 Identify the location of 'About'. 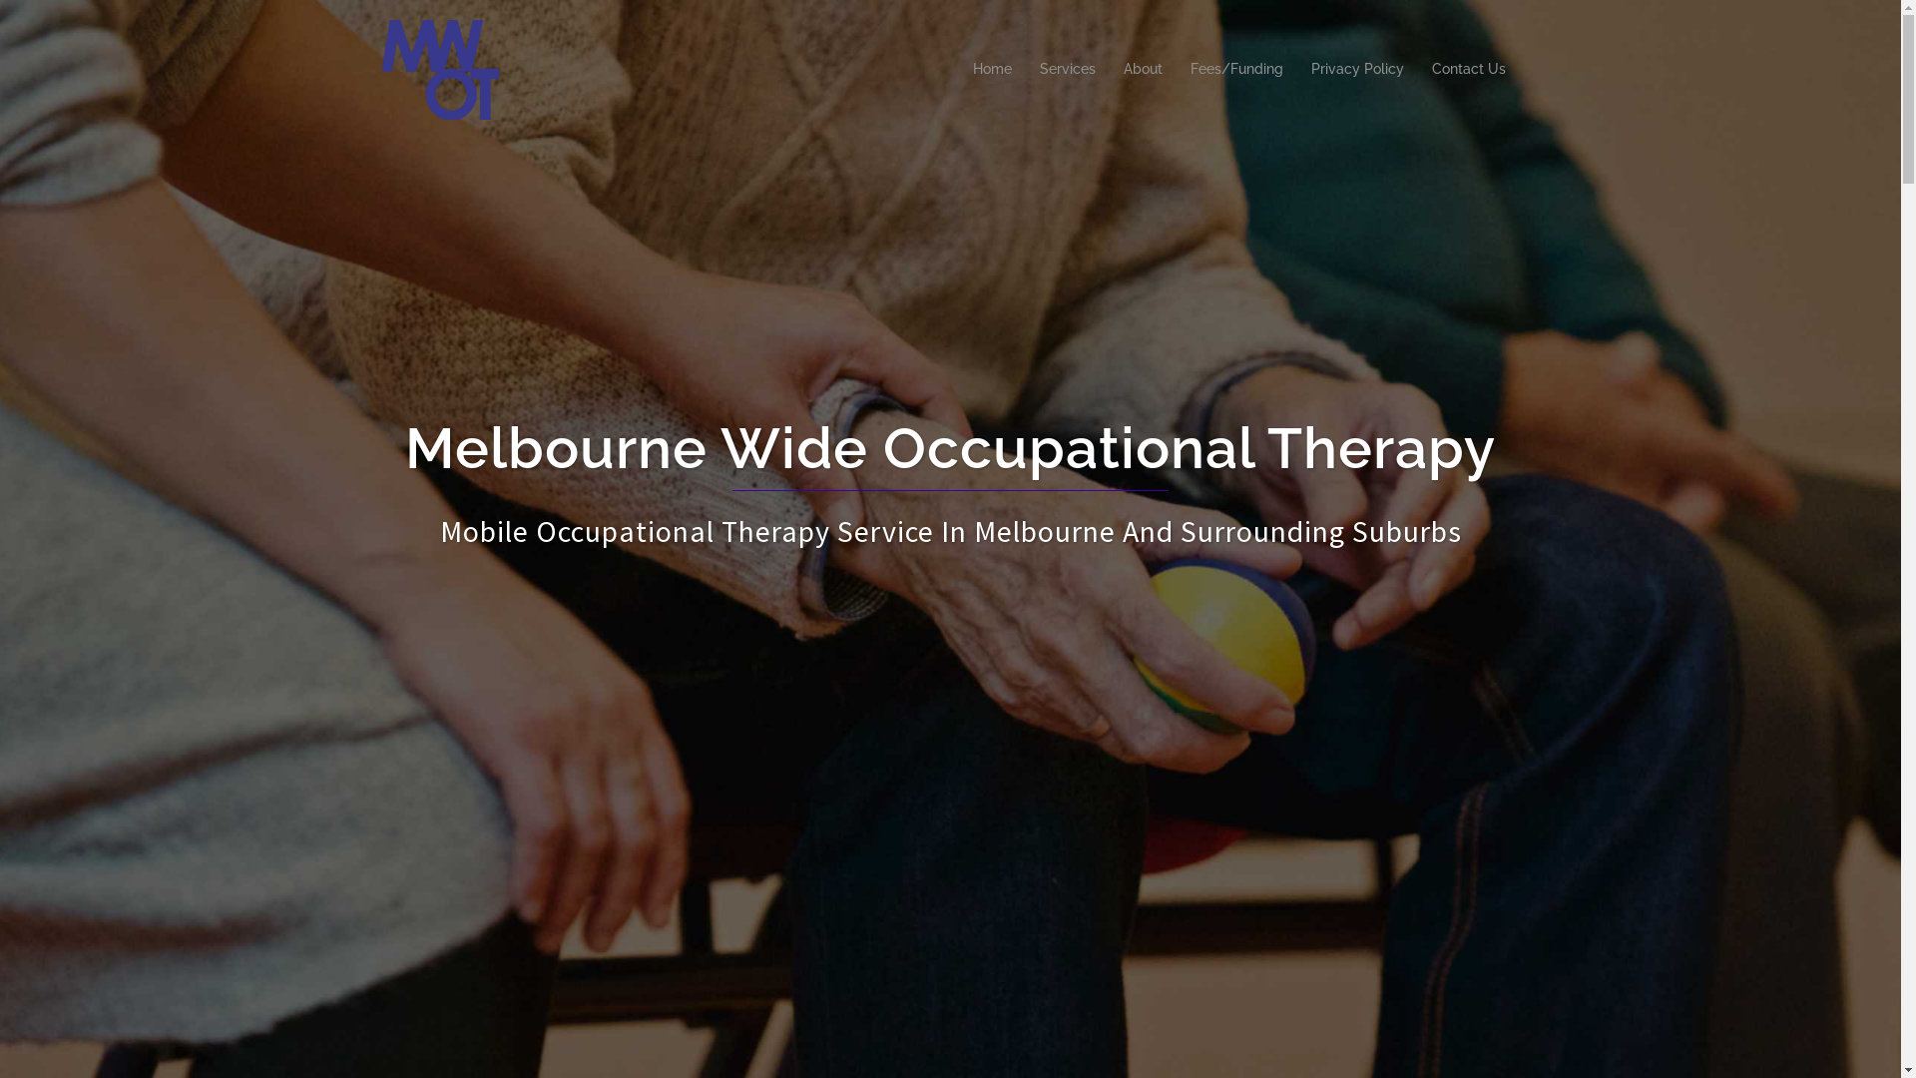
(1143, 68).